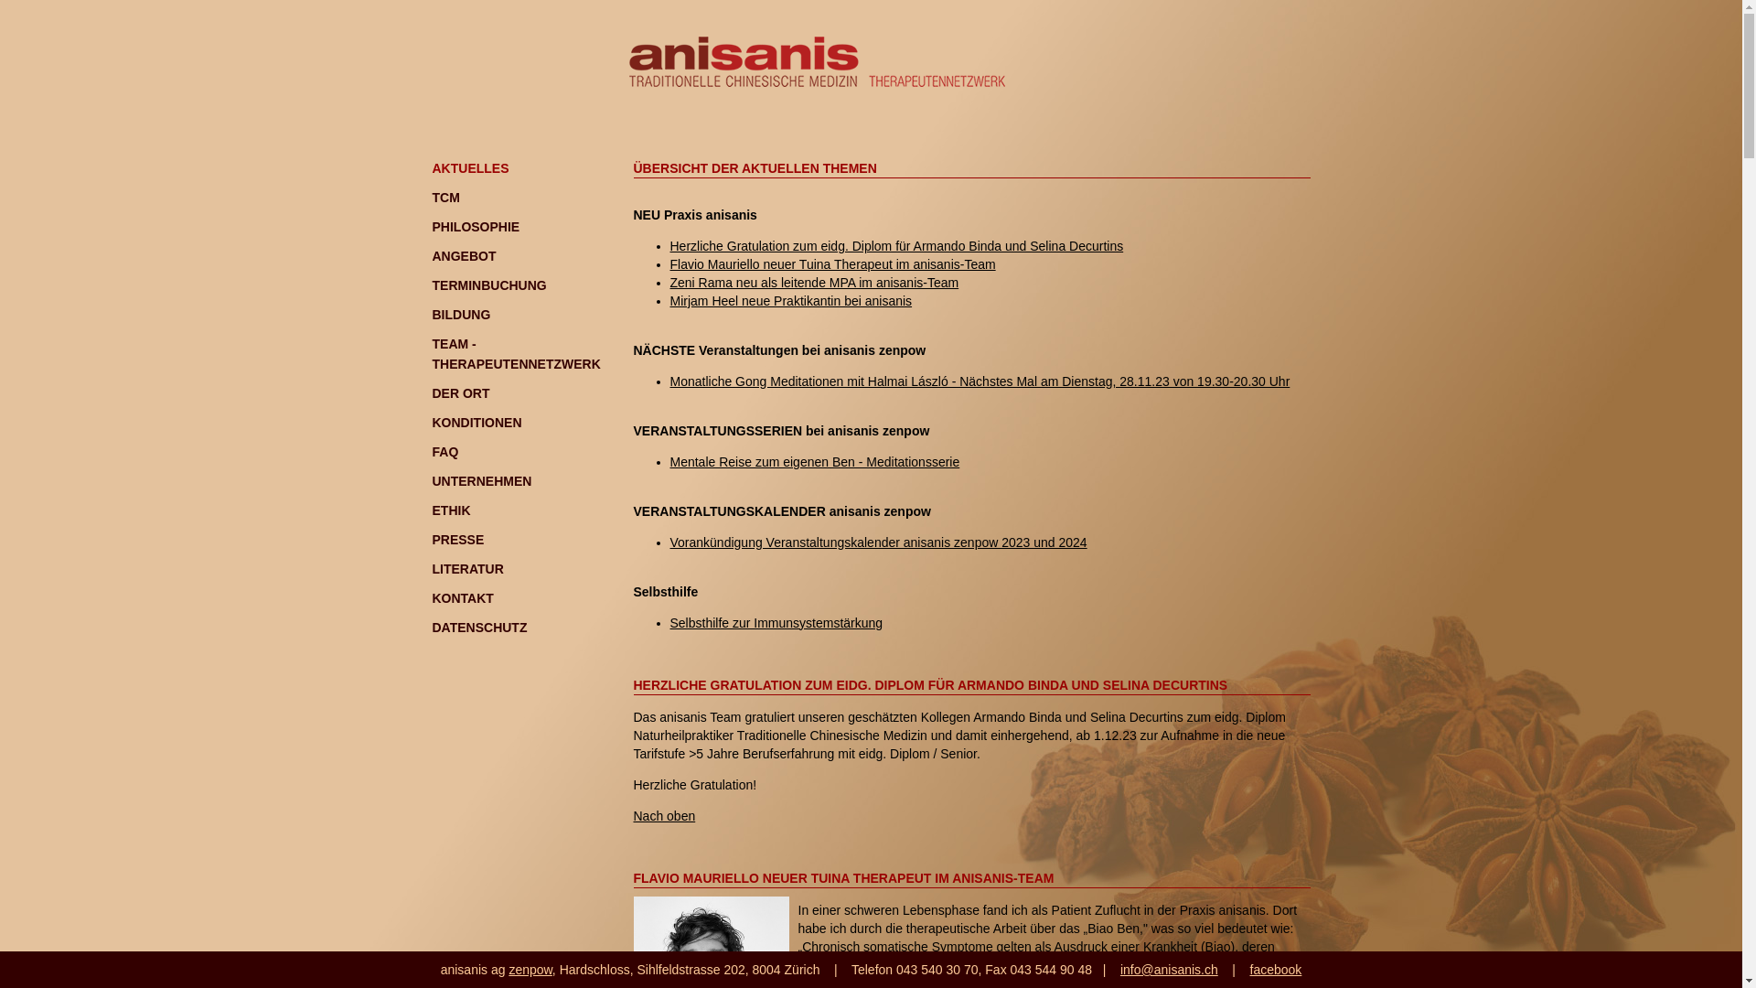  Describe the element at coordinates (460, 392) in the screenshot. I see `'DER ORT'` at that location.